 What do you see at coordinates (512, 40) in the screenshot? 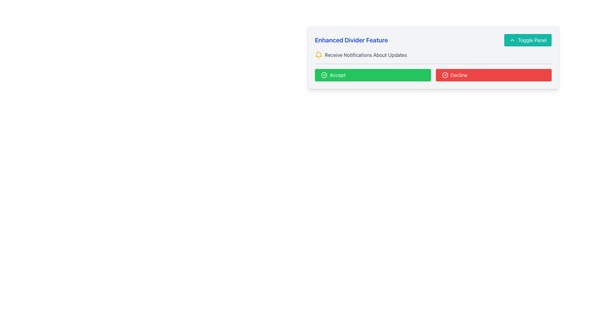
I see `the icon located to the left of the 'Toggle Panel' text in the top-right corner of the panel` at bounding box center [512, 40].